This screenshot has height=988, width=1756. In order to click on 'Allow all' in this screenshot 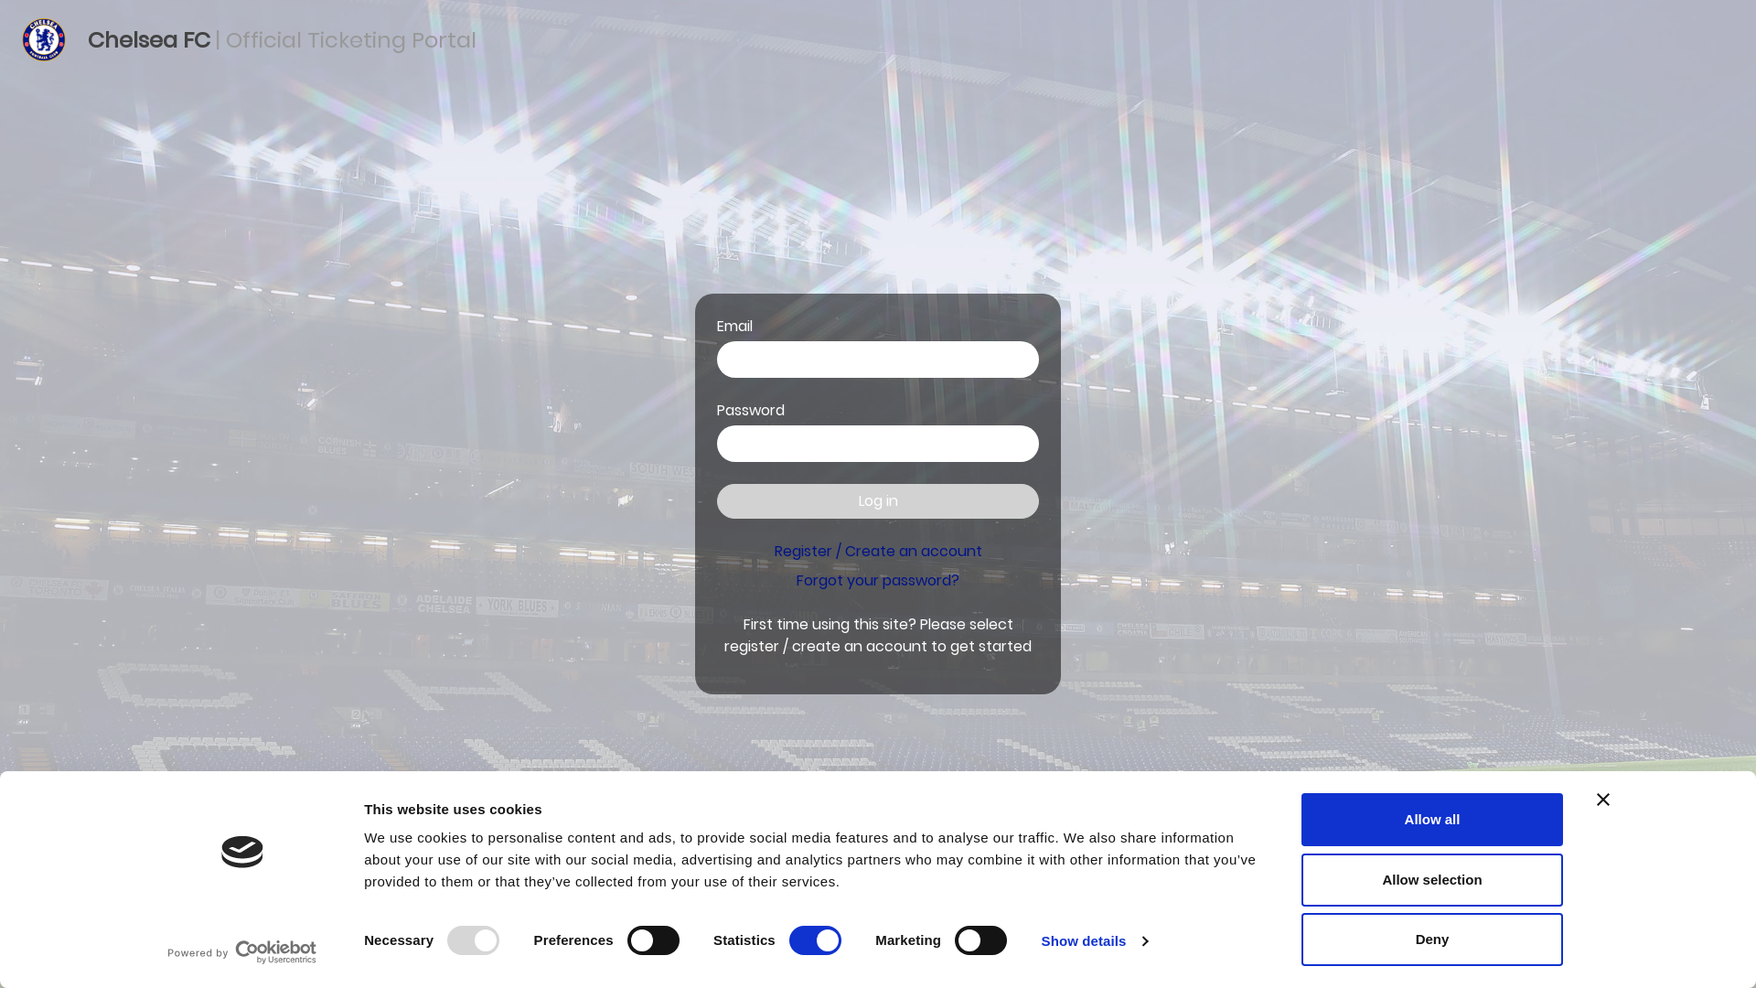, I will do `click(1430, 818)`.